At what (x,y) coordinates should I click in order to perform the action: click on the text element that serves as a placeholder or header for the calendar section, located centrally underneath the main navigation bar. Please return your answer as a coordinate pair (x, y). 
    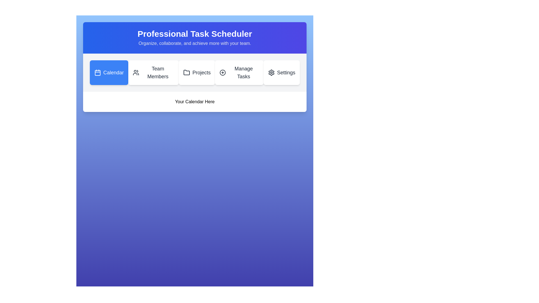
    Looking at the image, I should click on (195, 102).